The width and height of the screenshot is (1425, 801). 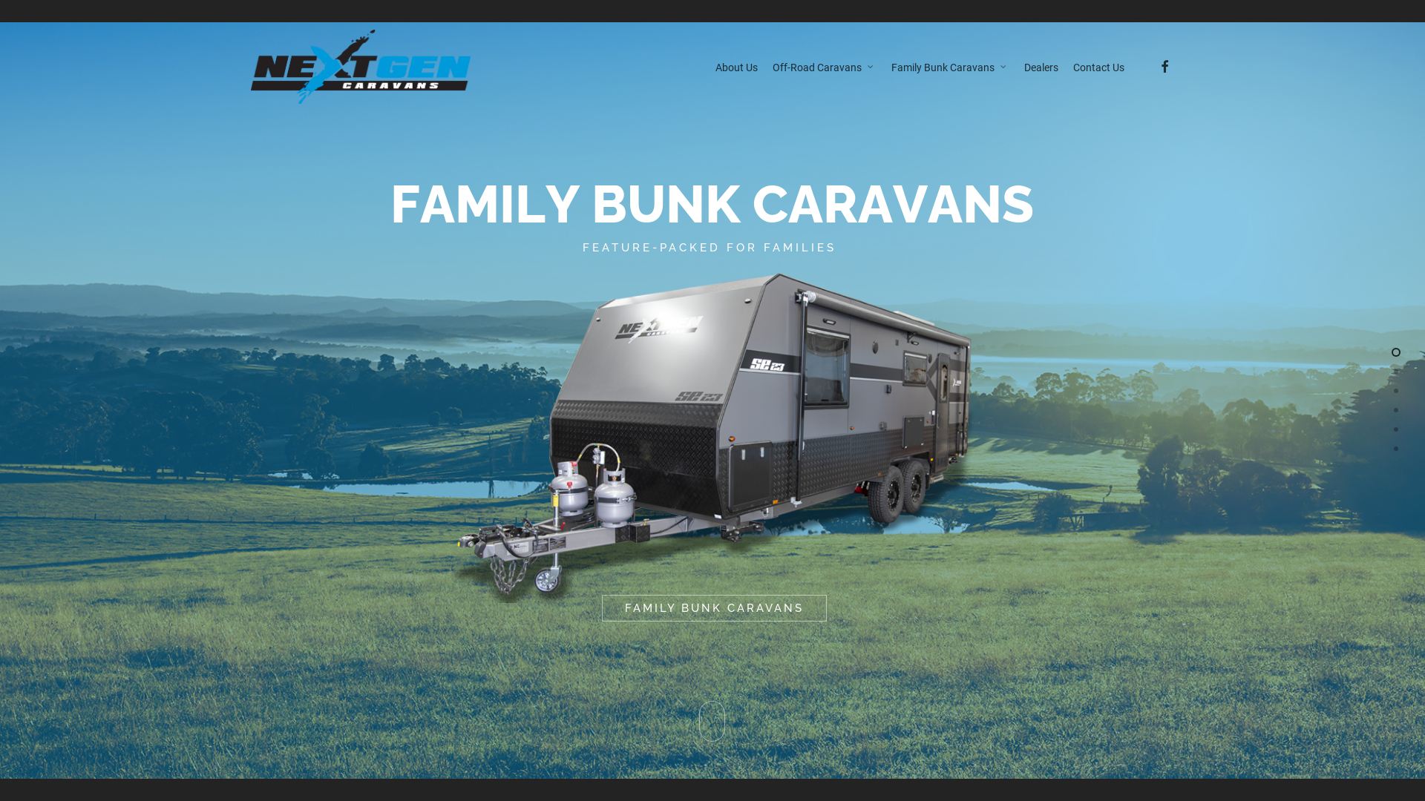 I want to click on 'Dealers', so click(x=1040, y=65).